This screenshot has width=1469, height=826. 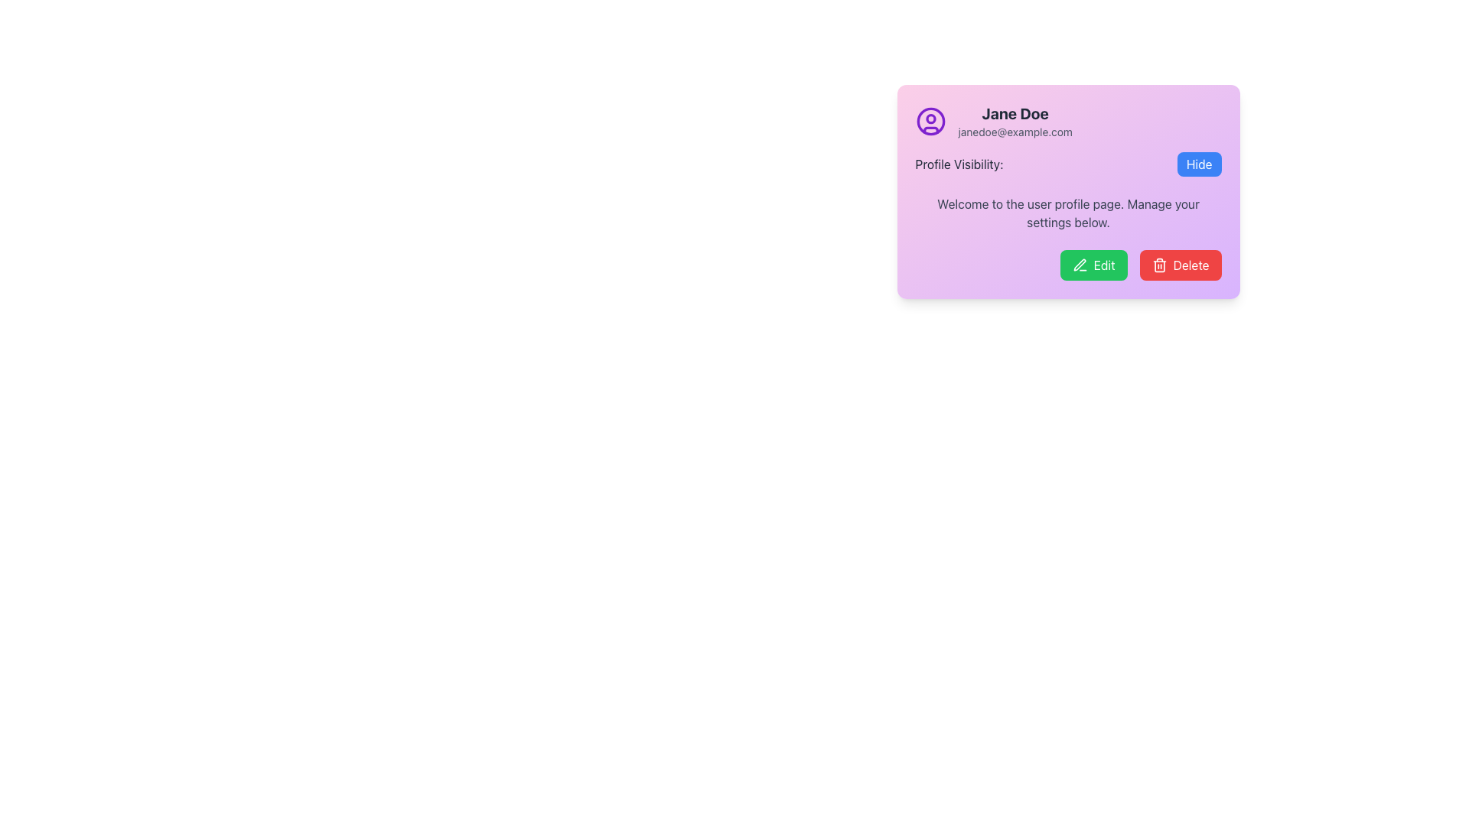 I want to click on the delete button located in the bottom-right section of the user information card, so click(x=1180, y=265).